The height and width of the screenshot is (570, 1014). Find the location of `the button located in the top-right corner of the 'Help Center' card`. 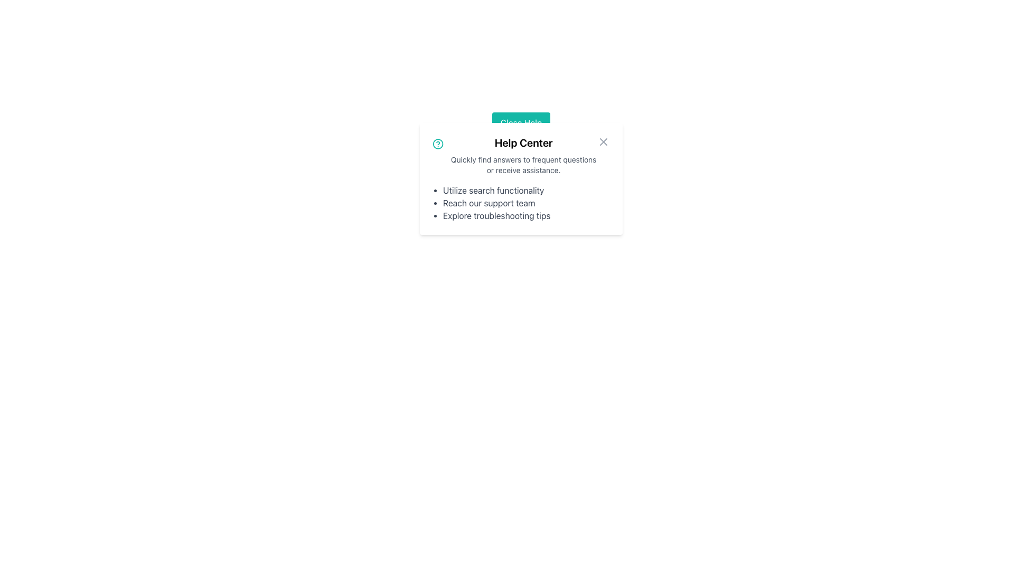

the button located in the top-right corner of the 'Help Center' card is located at coordinates (603, 141).